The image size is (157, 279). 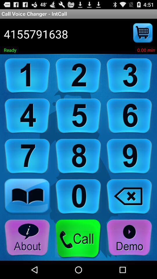 I want to click on contact button, so click(x=27, y=197).